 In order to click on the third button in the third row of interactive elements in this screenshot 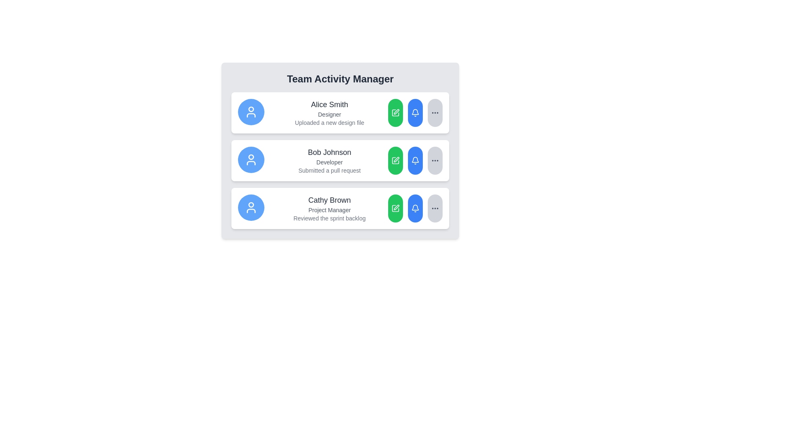, I will do `click(415, 208)`.